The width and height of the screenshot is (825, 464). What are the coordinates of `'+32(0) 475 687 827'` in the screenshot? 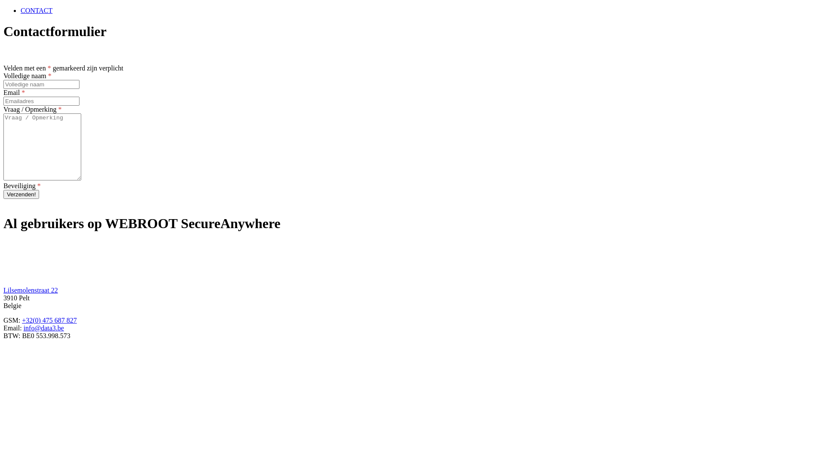 It's located at (49, 320).